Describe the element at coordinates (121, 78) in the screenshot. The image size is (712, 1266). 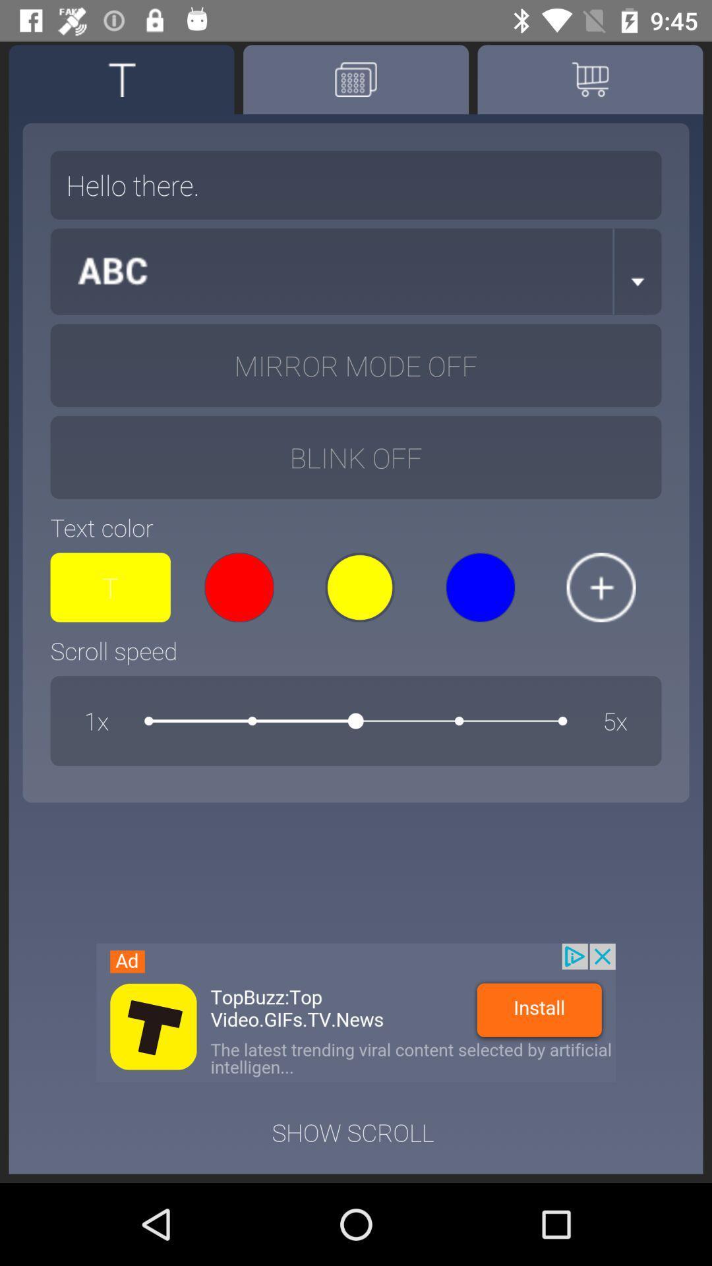
I see `tattie` at that location.